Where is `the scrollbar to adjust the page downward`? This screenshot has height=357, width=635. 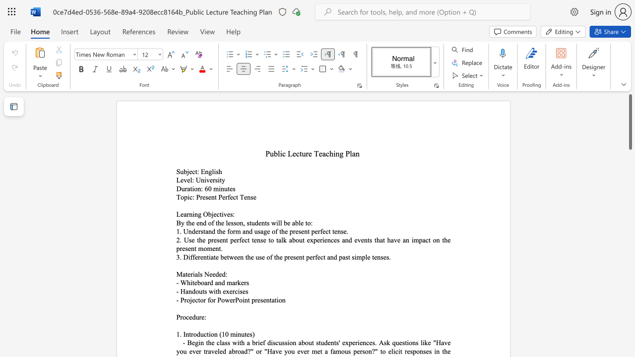 the scrollbar to adjust the page downward is located at coordinates (630, 158).